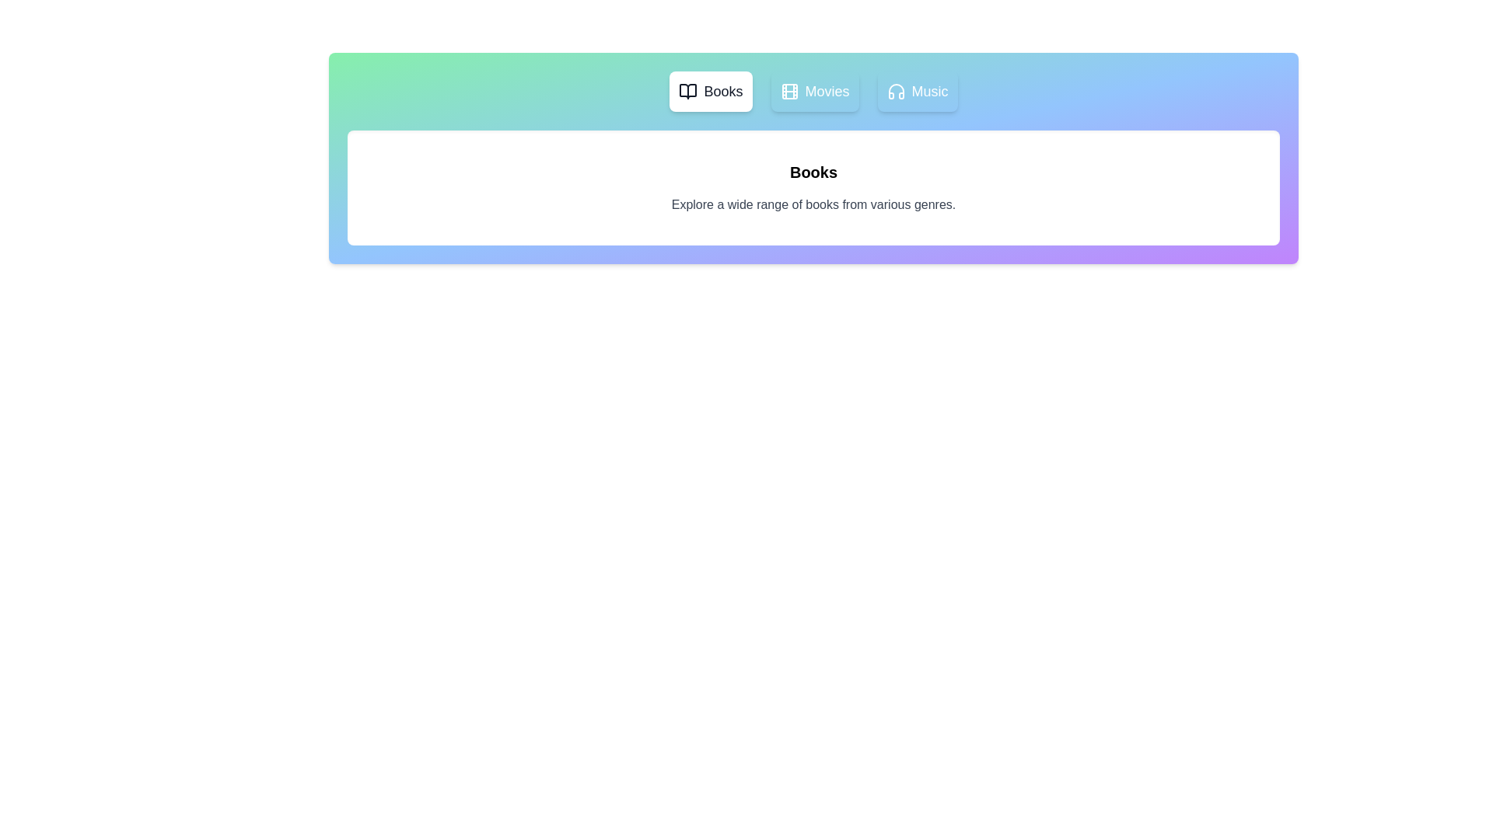 The height and width of the screenshot is (839, 1493). Describe the element at coordinates (918, 92) in the screenshot. I see `the tab labeled Music` at that location.